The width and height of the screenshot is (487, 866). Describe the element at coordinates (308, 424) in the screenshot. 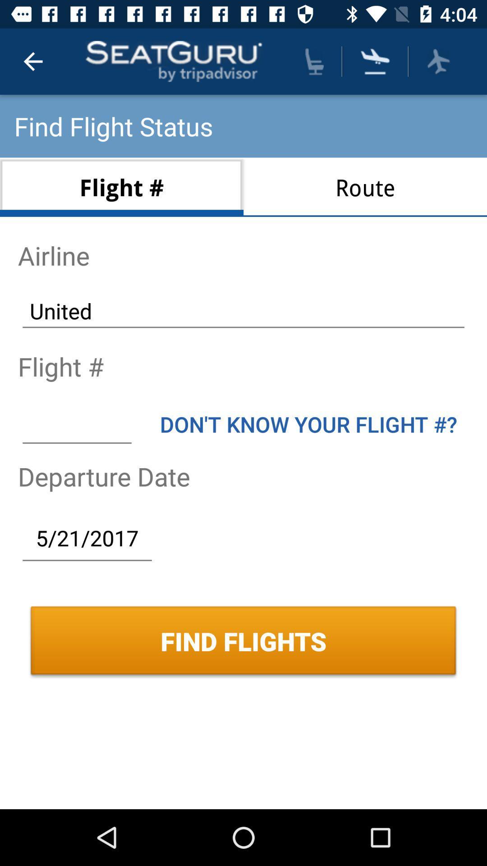

I see `item below united item` at that location.